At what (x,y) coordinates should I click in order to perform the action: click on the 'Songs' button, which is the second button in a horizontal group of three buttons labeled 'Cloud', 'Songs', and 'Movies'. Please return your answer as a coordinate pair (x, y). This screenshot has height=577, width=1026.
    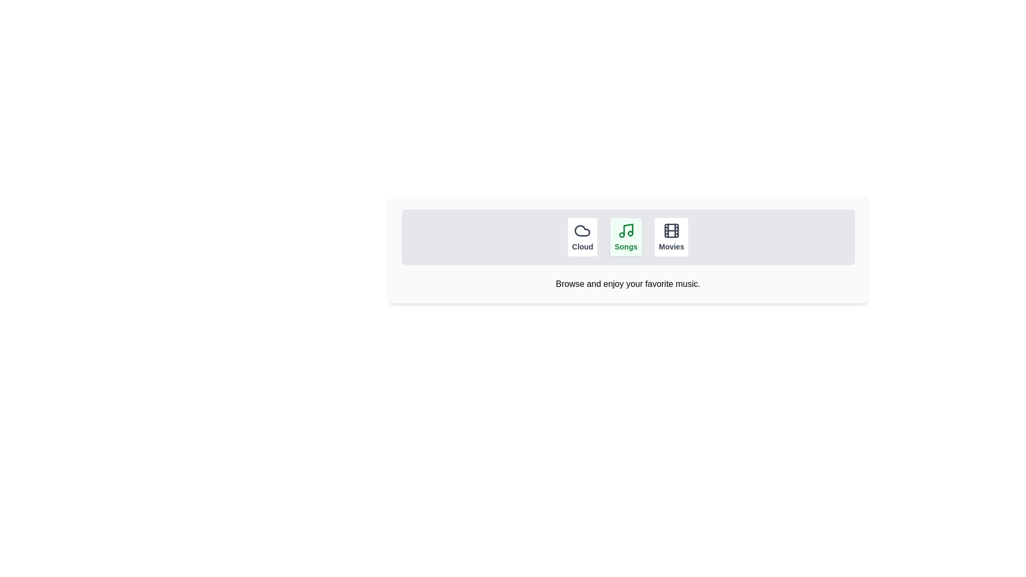
    Looking at the image, I should click on (628, 236).